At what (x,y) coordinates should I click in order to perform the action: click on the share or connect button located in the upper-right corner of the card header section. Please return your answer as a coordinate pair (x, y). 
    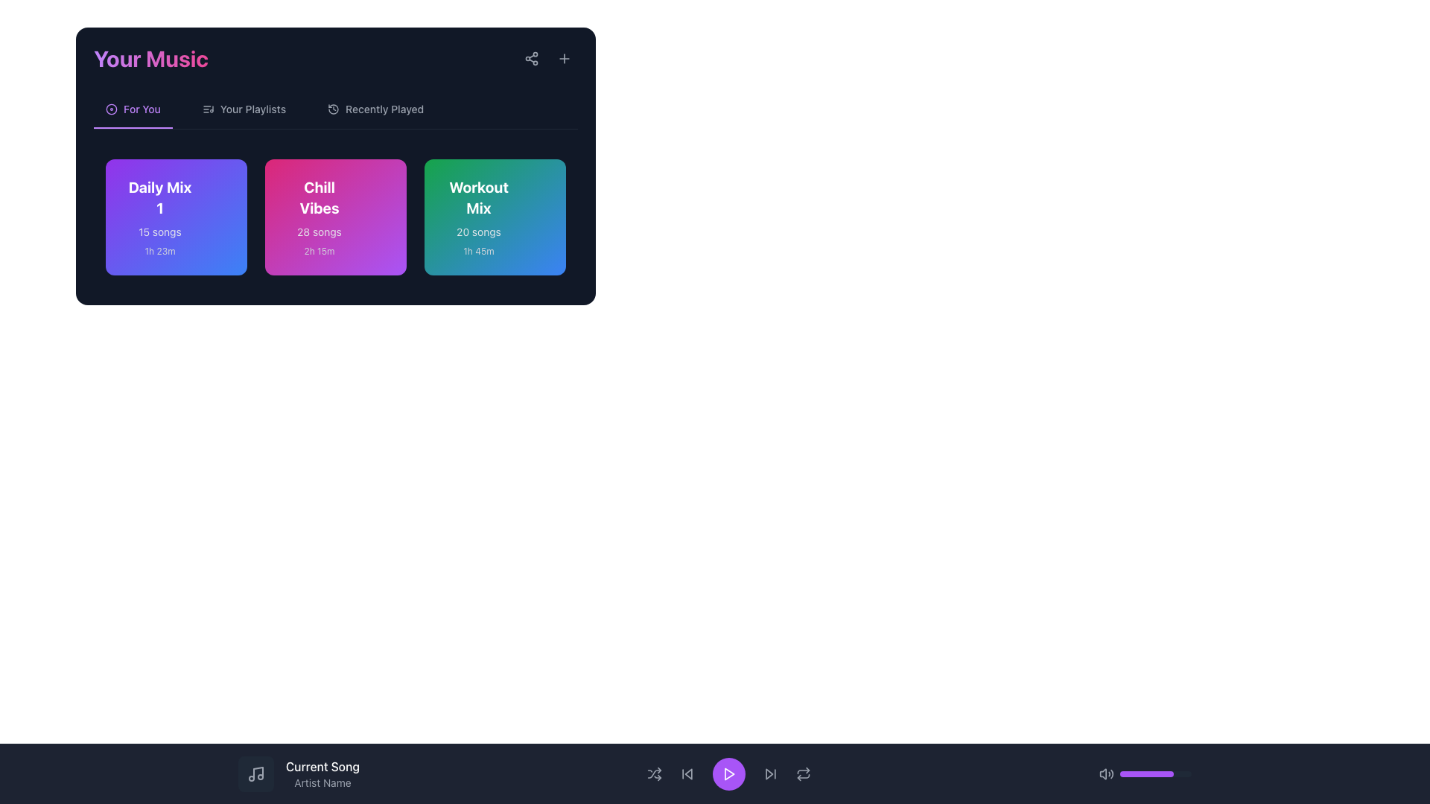
    Looking at the image, I should click on (532, 57).